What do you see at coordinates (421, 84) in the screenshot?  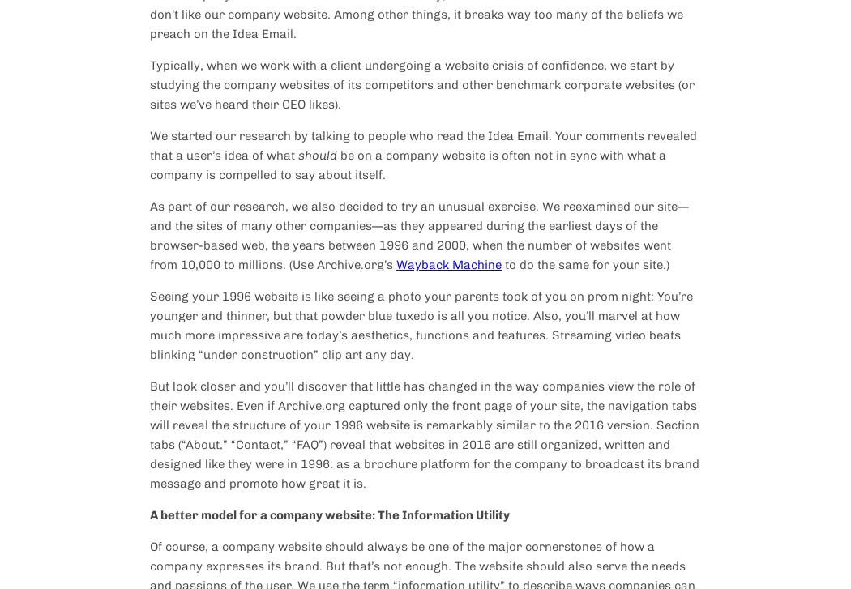 I see `'Typically, when we work with a client undergoing a website crisis of confidence, we start by studying the company websites of its competitors and other benchmark corporate websites (or sites we’ve heard their CEO likes).'` at bounding box center [421, 84].